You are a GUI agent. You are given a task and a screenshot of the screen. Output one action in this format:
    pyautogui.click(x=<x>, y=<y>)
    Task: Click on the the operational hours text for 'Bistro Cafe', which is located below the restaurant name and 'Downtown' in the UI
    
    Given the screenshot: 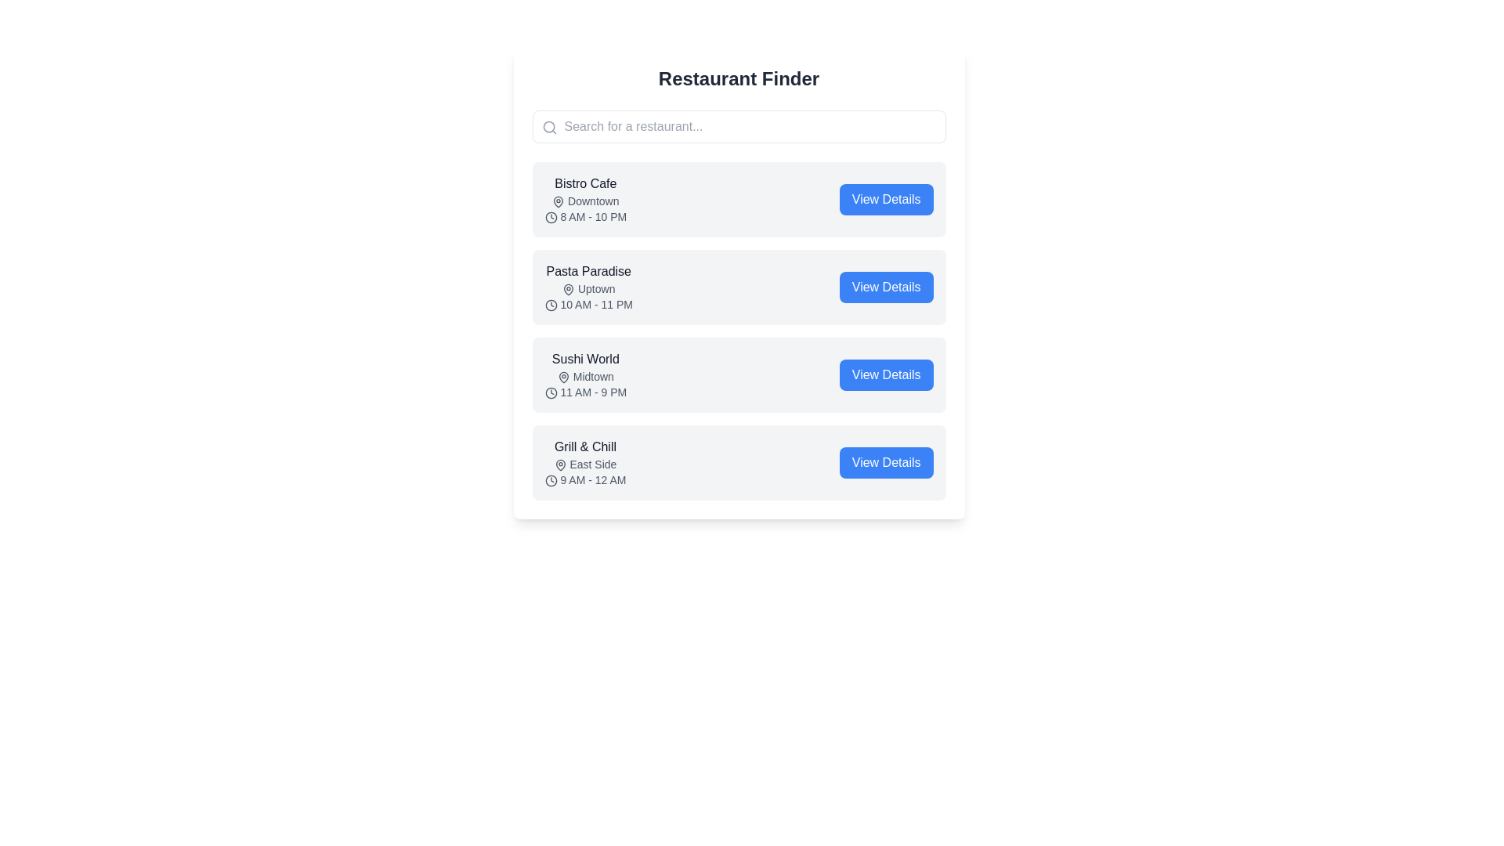 What is the action you would take?
    pyautogui.click(x=584, y=217)
    